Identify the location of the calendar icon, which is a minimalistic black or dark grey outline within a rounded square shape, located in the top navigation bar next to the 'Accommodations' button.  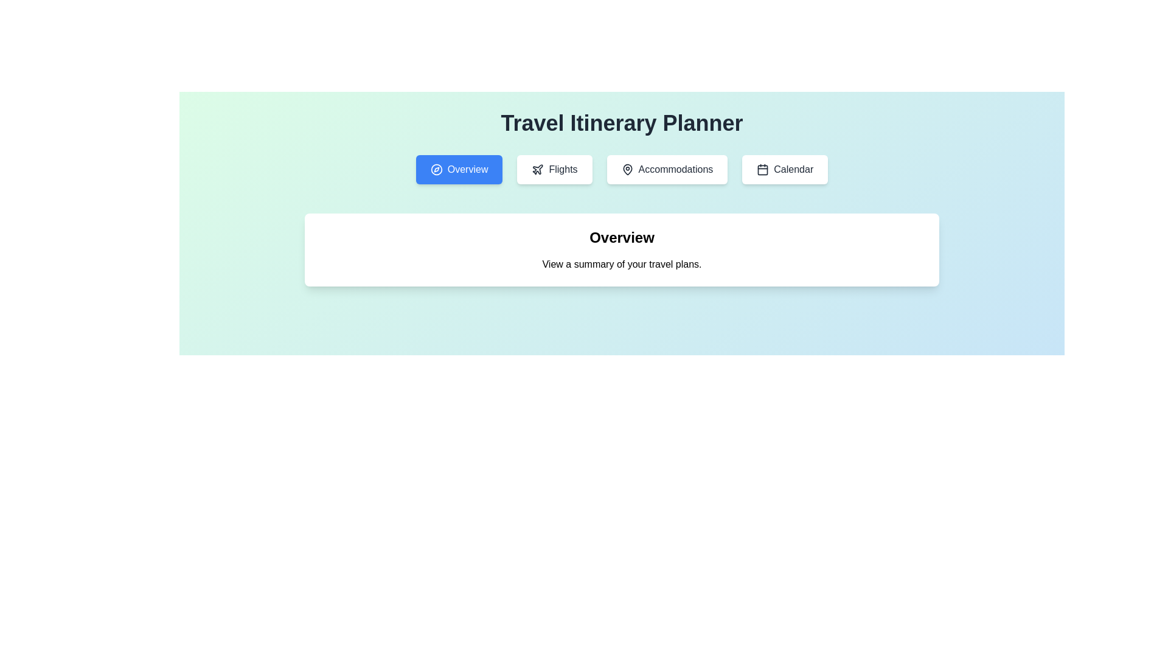
(762, 169).